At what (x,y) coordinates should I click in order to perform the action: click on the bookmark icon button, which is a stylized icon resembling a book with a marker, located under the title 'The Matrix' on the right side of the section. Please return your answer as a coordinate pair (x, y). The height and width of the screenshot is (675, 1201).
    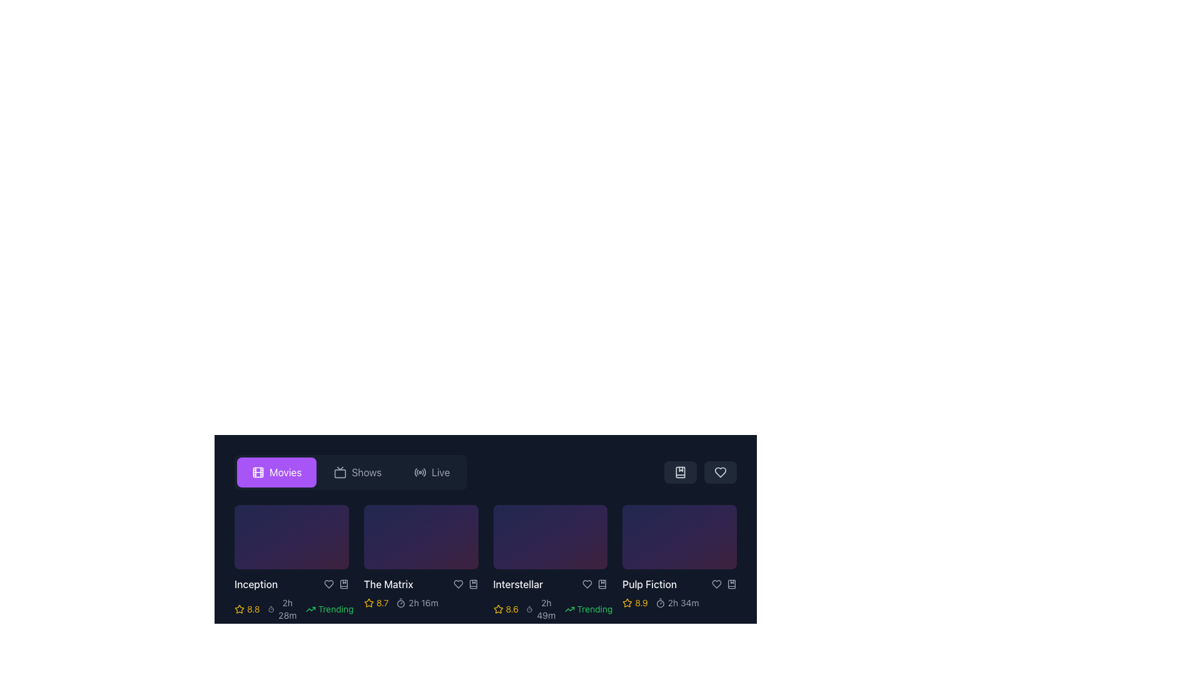
    Looking at the image, I should click on (472, 584).